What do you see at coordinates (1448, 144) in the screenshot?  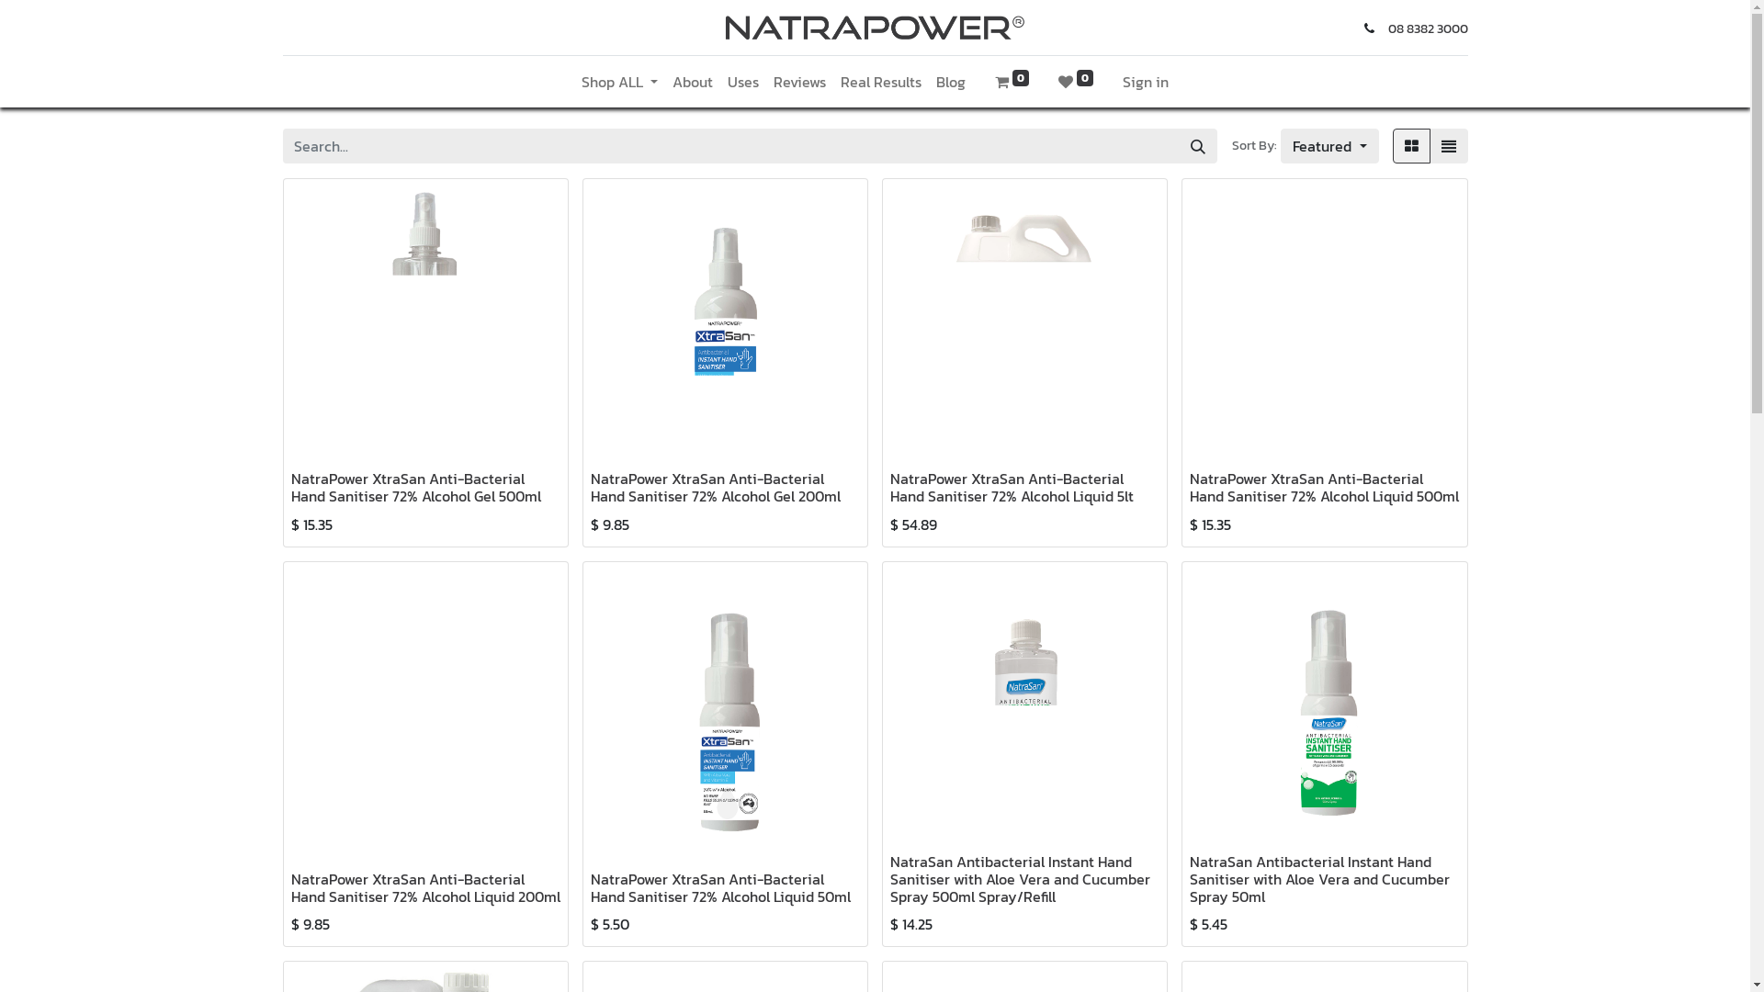 I see `'List'` at bounding box center [1448, 144].